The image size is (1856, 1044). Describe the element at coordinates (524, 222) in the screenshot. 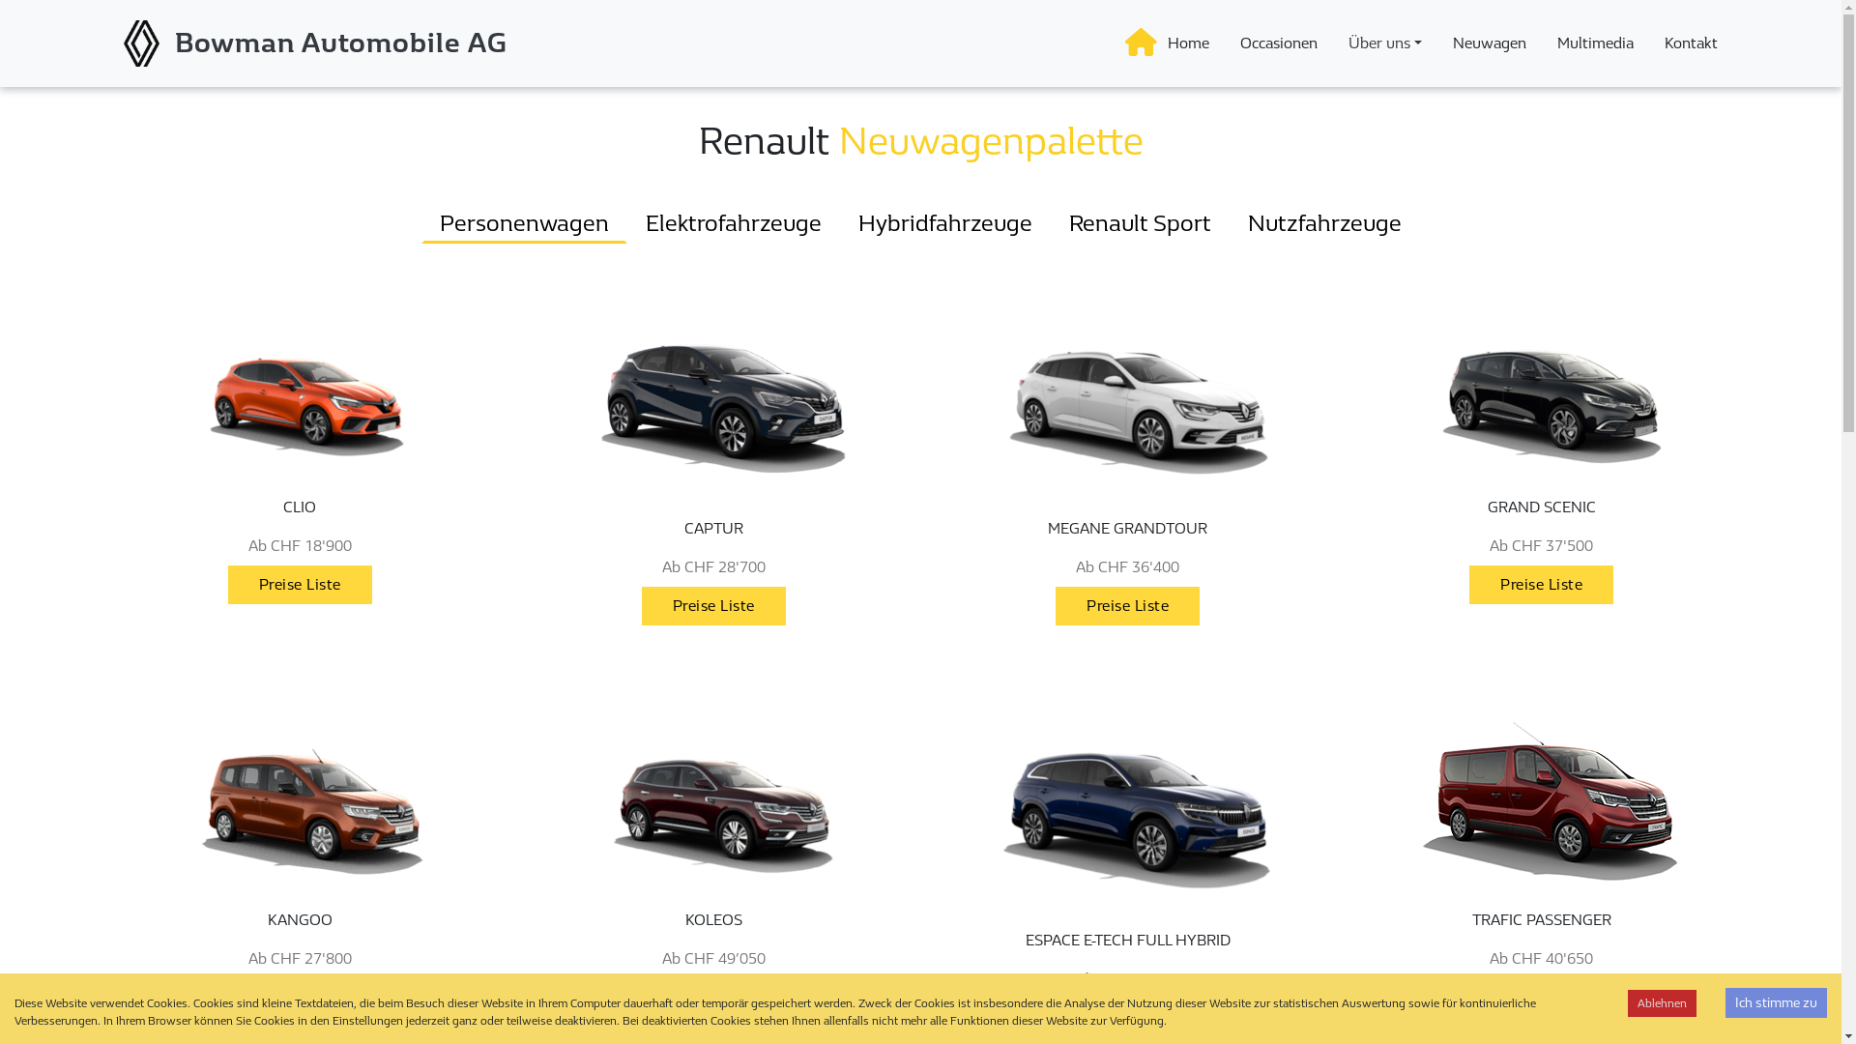

I see `'Personenwagen'` at that location.